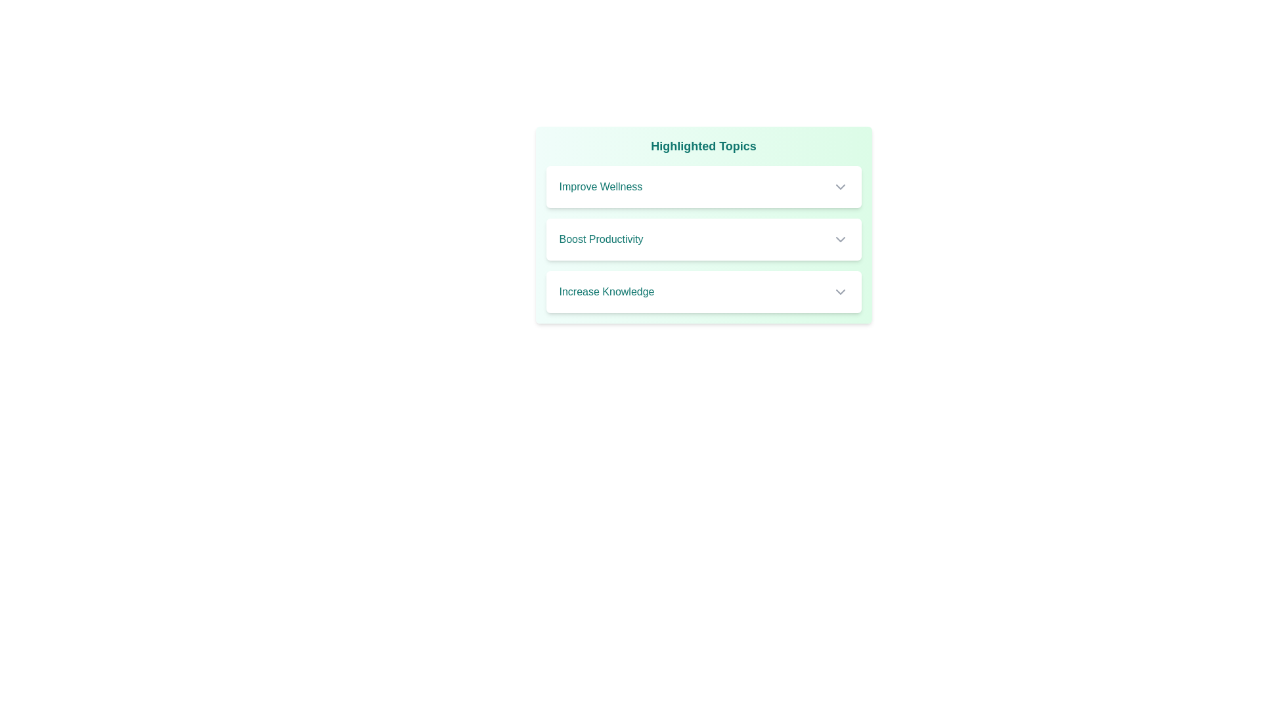 The width and height of the screenshot is (1261, 709). I want to click on the first item, so click(703, 187).